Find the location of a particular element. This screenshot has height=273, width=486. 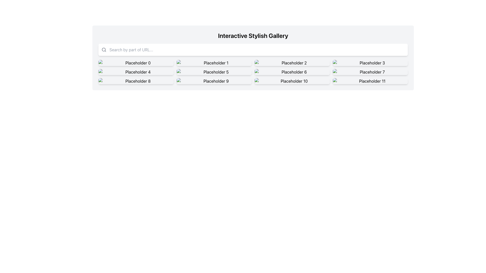

the circular component of the magnifying glass icon located to the left of the text field in the search bar, positioned in the upper-middle section of the interface is located at coordinates (103, 50).